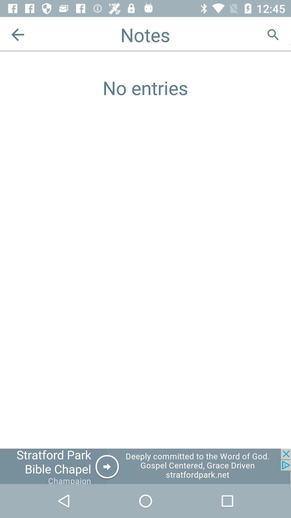 The image size is (291, 518). What do you see at coordinates (145, 466) in the screenshot?
I see `advertisement for church` at bounding box center [145, 466].